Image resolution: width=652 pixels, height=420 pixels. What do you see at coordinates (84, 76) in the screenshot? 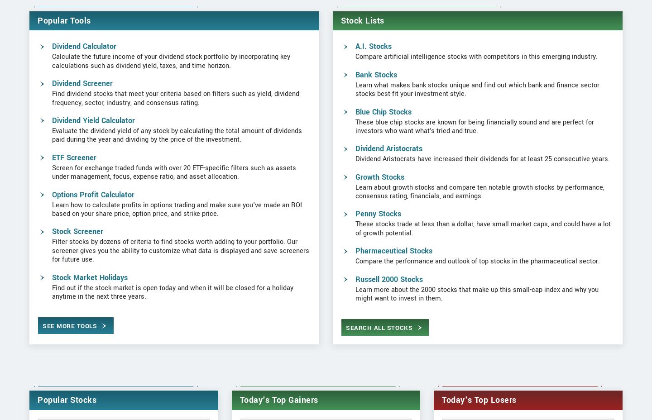
I see `'Dividend Calculator'` at bounding box center [84, 76].